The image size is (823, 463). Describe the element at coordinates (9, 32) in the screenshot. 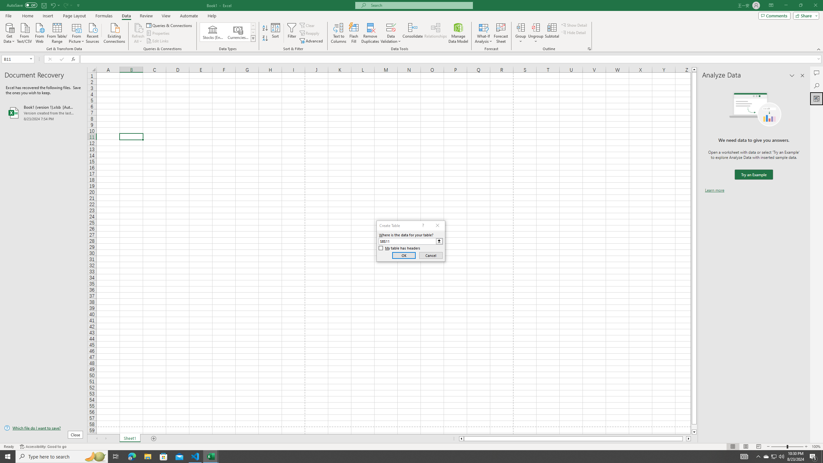

I see `'Get Data'` at that location.